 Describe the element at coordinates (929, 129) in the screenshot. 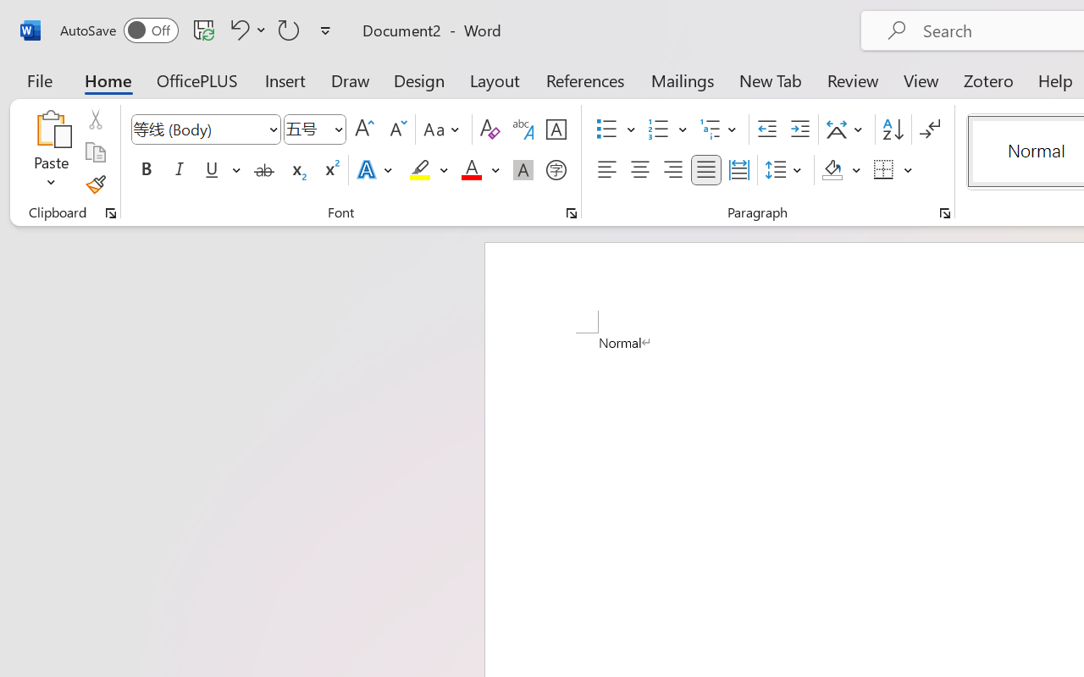

I see `'Show/Hide Editing Marks'` at that location.